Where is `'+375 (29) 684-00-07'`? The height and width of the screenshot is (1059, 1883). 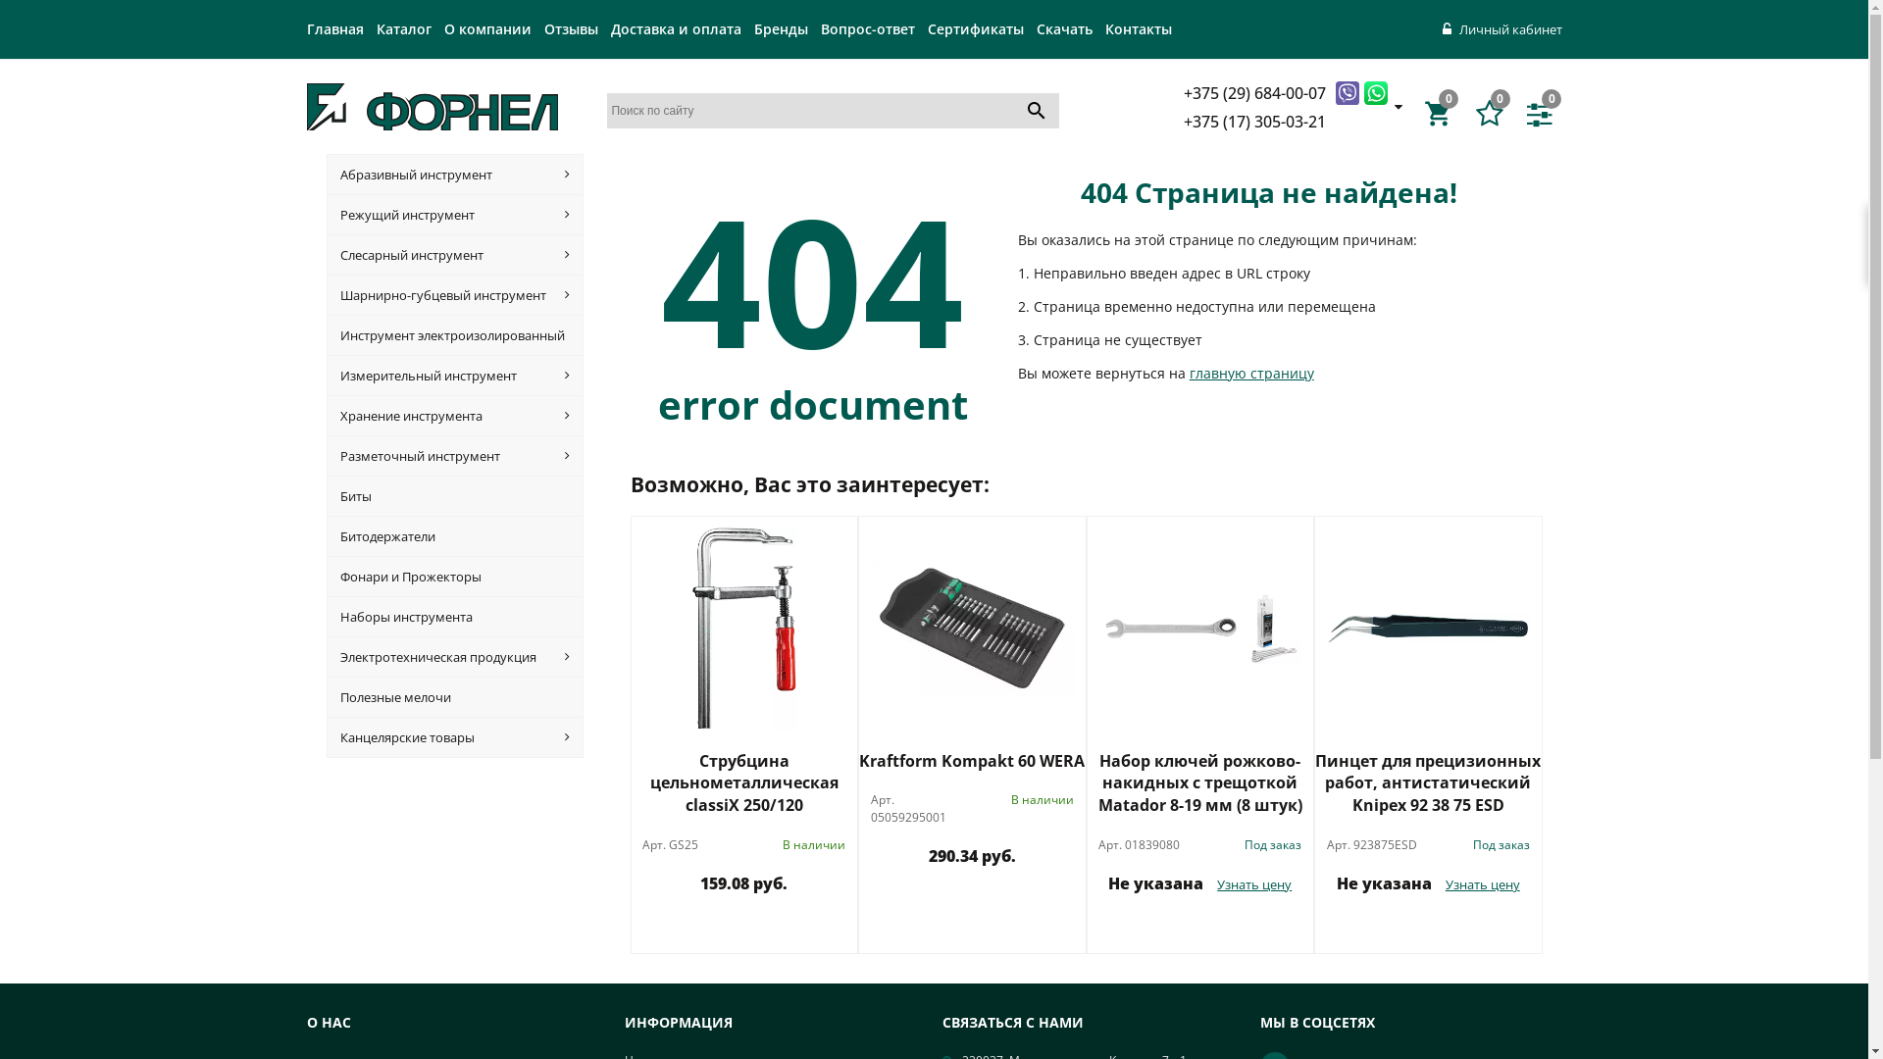 '+375 (29) 684-00-07' is located at coordinates (1256, 91).